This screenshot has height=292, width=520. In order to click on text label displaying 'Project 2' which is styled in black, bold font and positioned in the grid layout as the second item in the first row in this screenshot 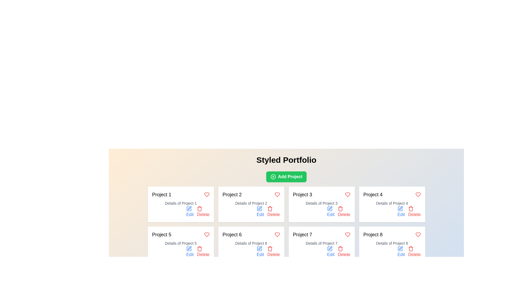, I will do `click(232, 195)`.